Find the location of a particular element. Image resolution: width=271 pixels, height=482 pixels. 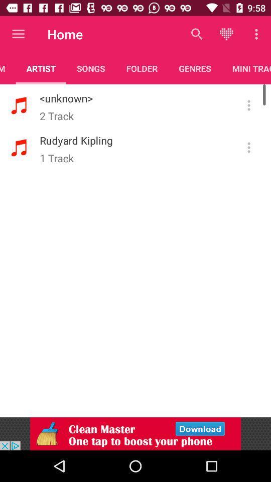

control button is located at coordinates (248, 147).